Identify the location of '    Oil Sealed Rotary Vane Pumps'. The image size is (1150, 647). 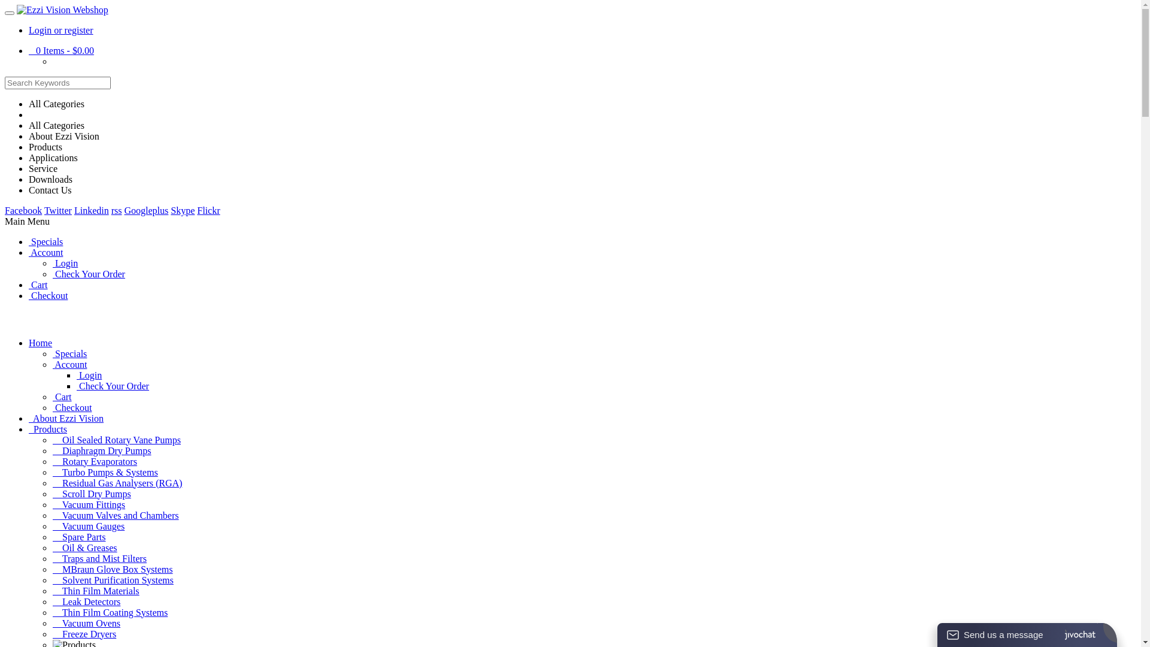
(117, 440).